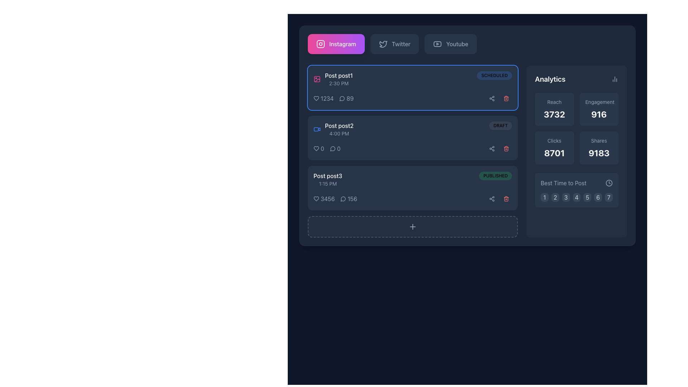  I want to click on the text with an icon (speech bubble and number) that displays the number of comments on the respective post, located in the first row of posts adjacent to the heart icon, so click(347, 98).